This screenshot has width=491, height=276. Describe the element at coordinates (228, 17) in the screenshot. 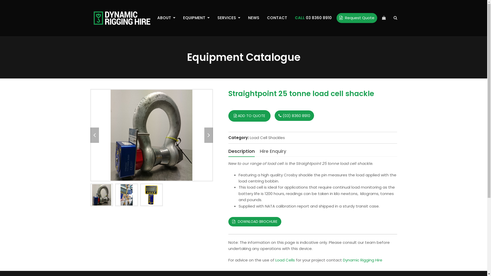

I see `'SERVICES'` at that location.